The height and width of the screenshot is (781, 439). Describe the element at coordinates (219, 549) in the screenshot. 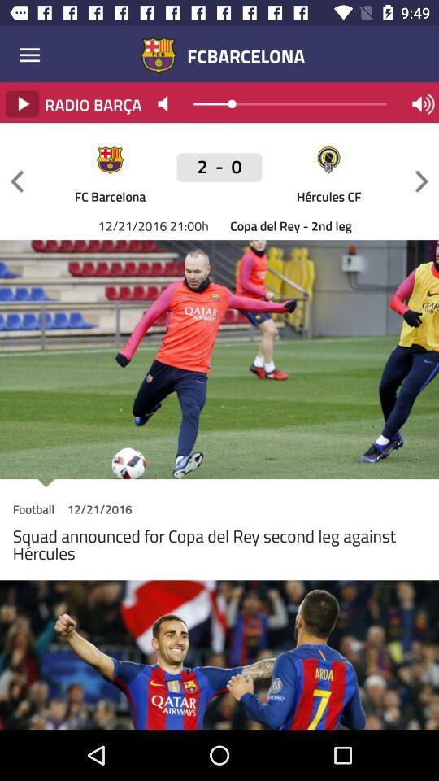

I see `the squad announced for icon` at that location.